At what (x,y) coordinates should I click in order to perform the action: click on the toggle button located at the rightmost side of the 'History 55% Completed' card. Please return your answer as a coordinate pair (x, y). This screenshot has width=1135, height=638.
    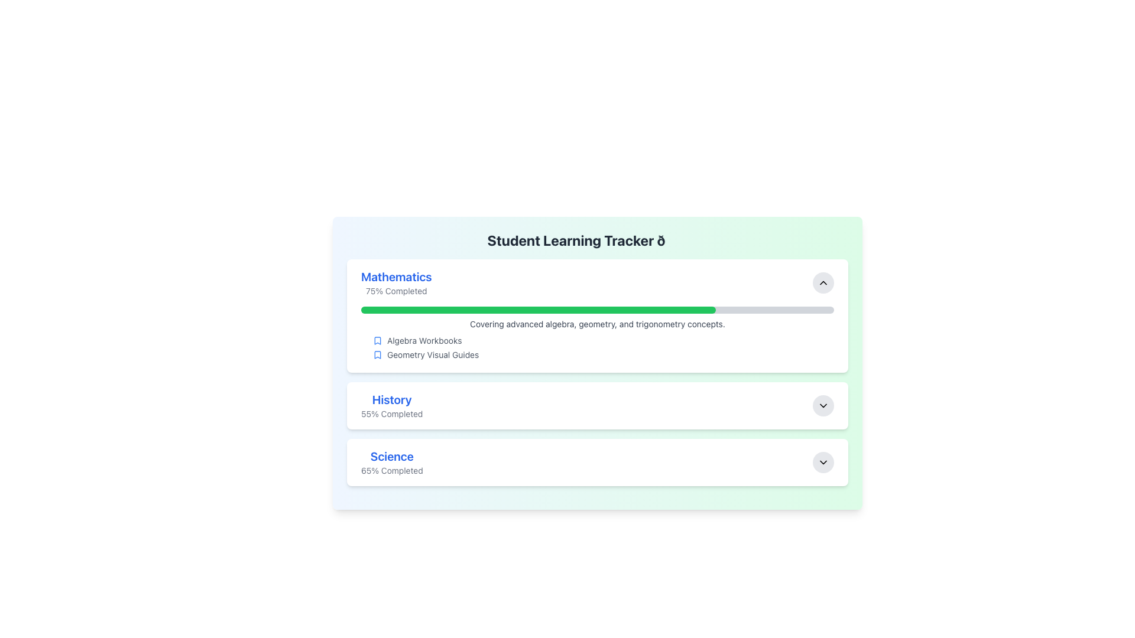
    Looking at the image, I should click on (822, 405).